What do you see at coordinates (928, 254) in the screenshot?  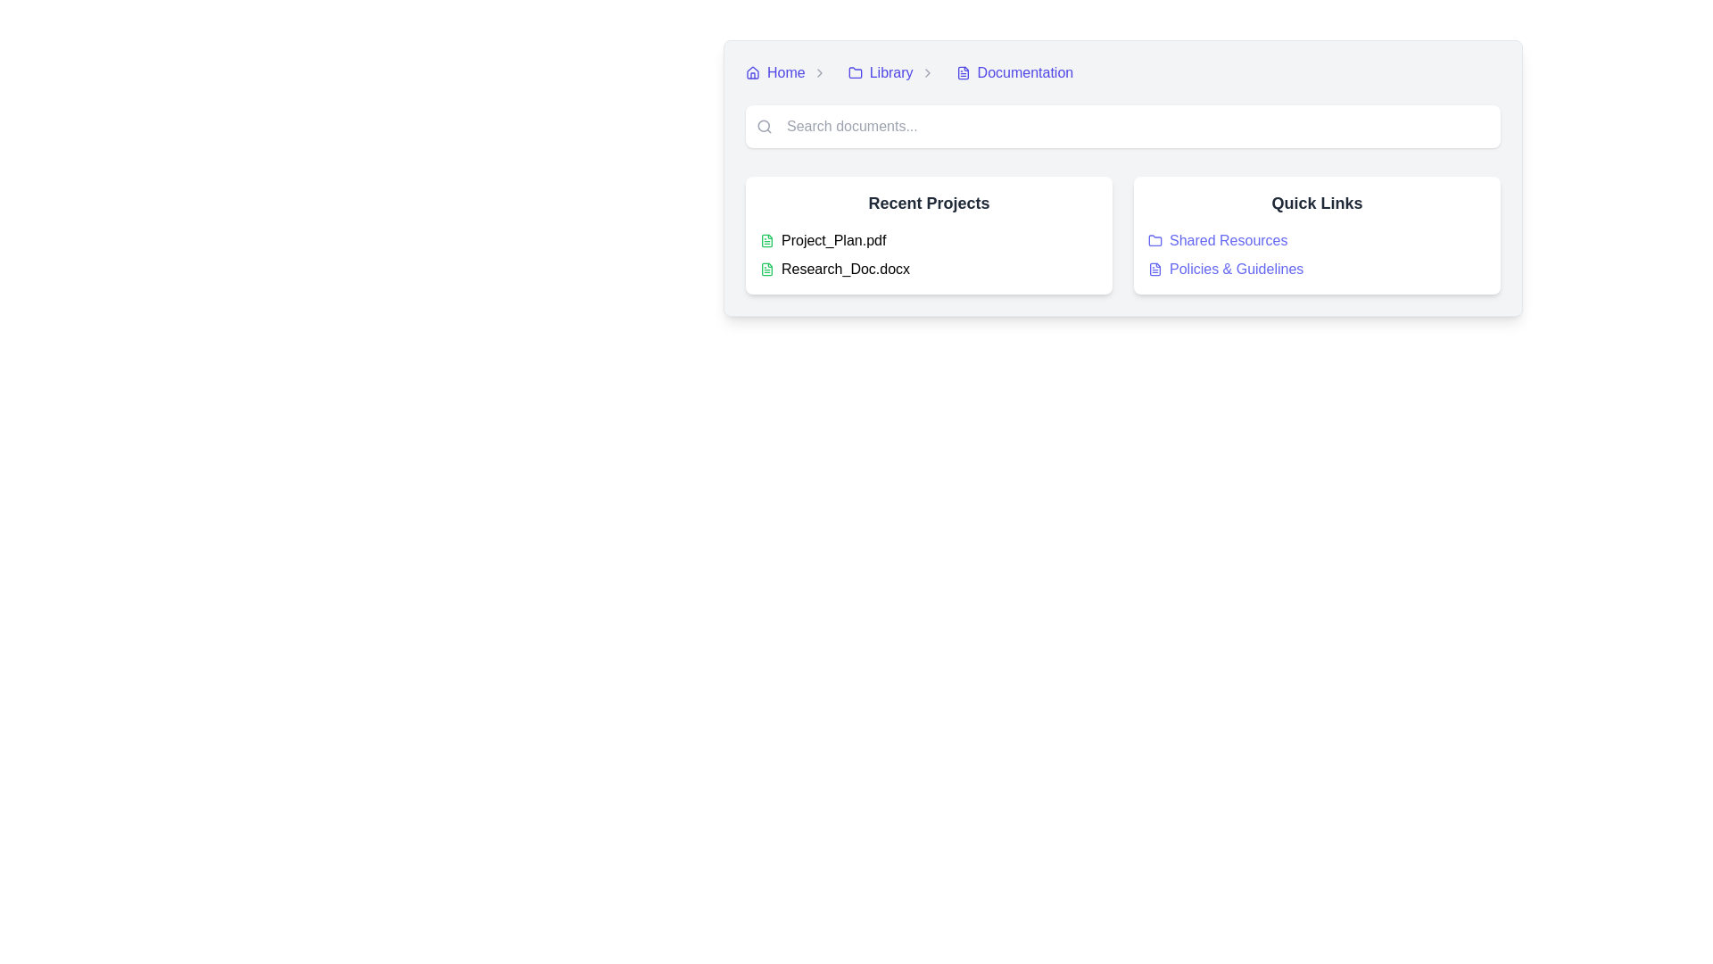 I see `the file name` at bounding box center [928, 254].